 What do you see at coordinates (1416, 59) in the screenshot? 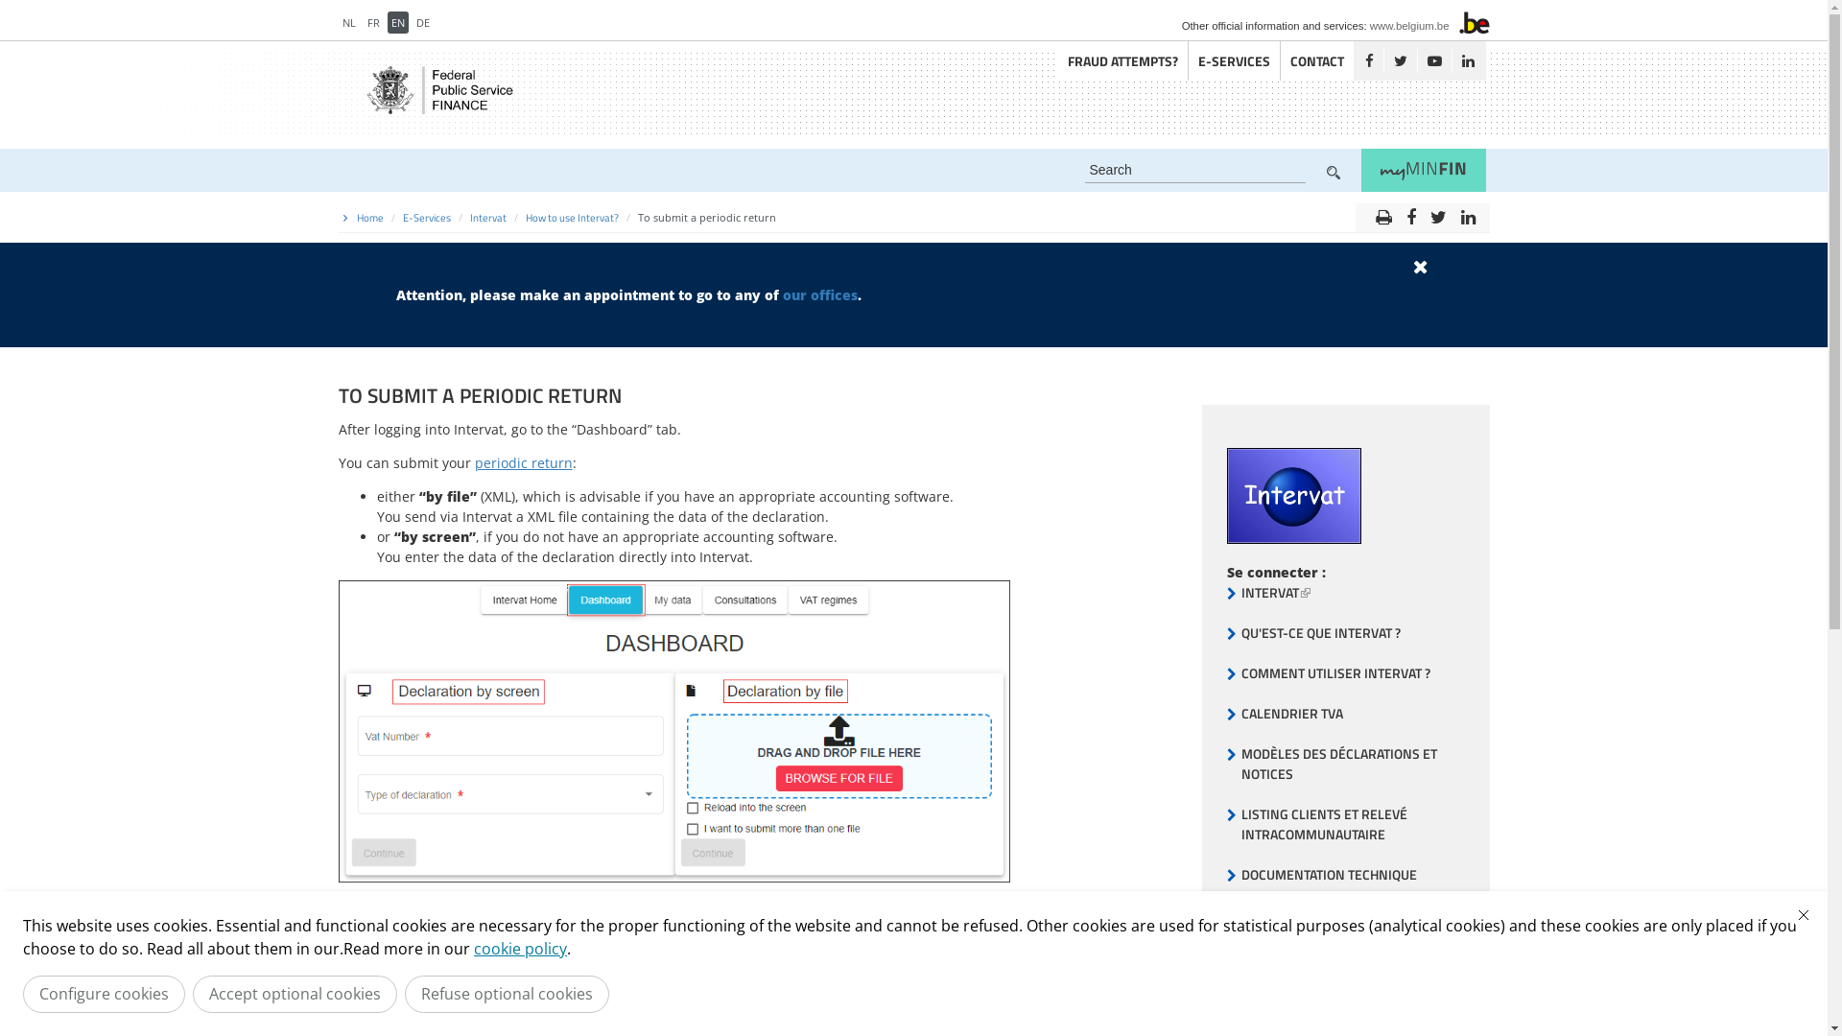
I see `'Youtube'` at bounding box center [1416, 59].